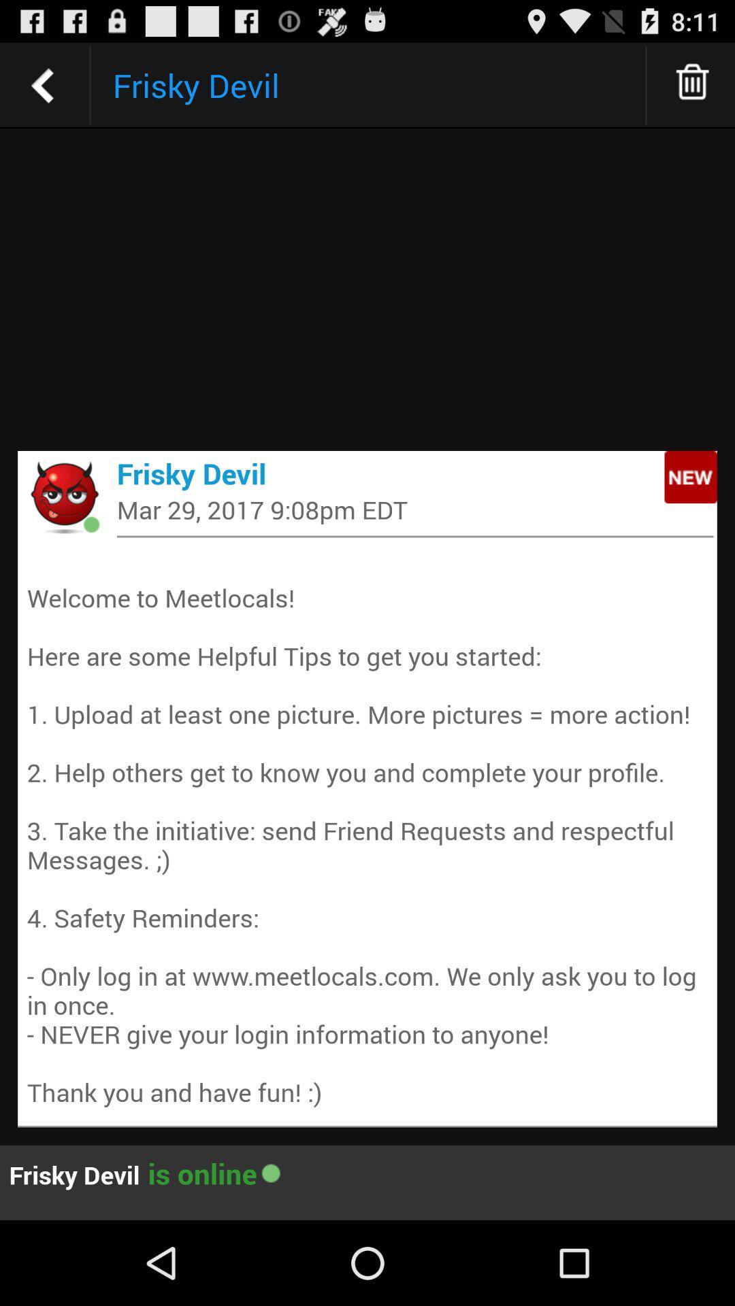 The image size is (735, 1306). Describe the element at coordinates (367, 829) in the screenshot. I see `the welcome to meetlocals` at that location.